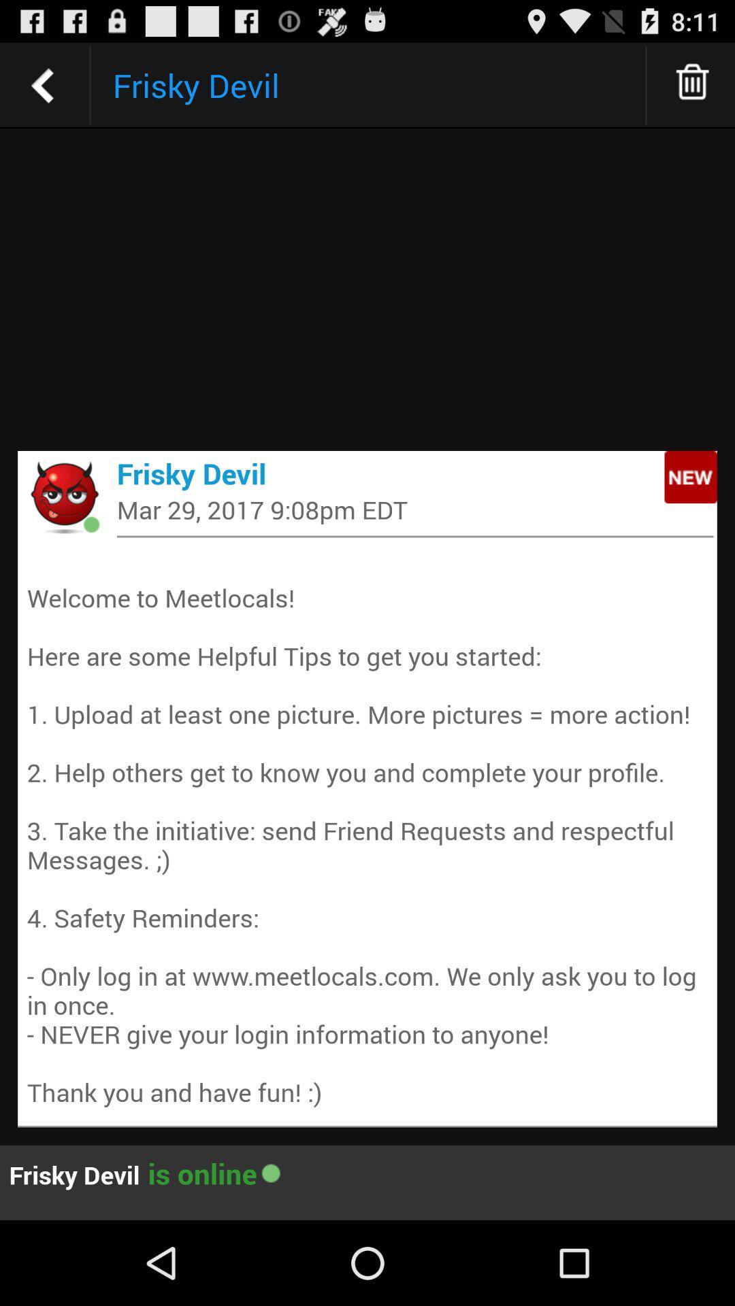 The image size is (735, 1306). Describe the element at coordinates (367, 829) in the screenshot. I see `the welcome to meetlocals` at that location.